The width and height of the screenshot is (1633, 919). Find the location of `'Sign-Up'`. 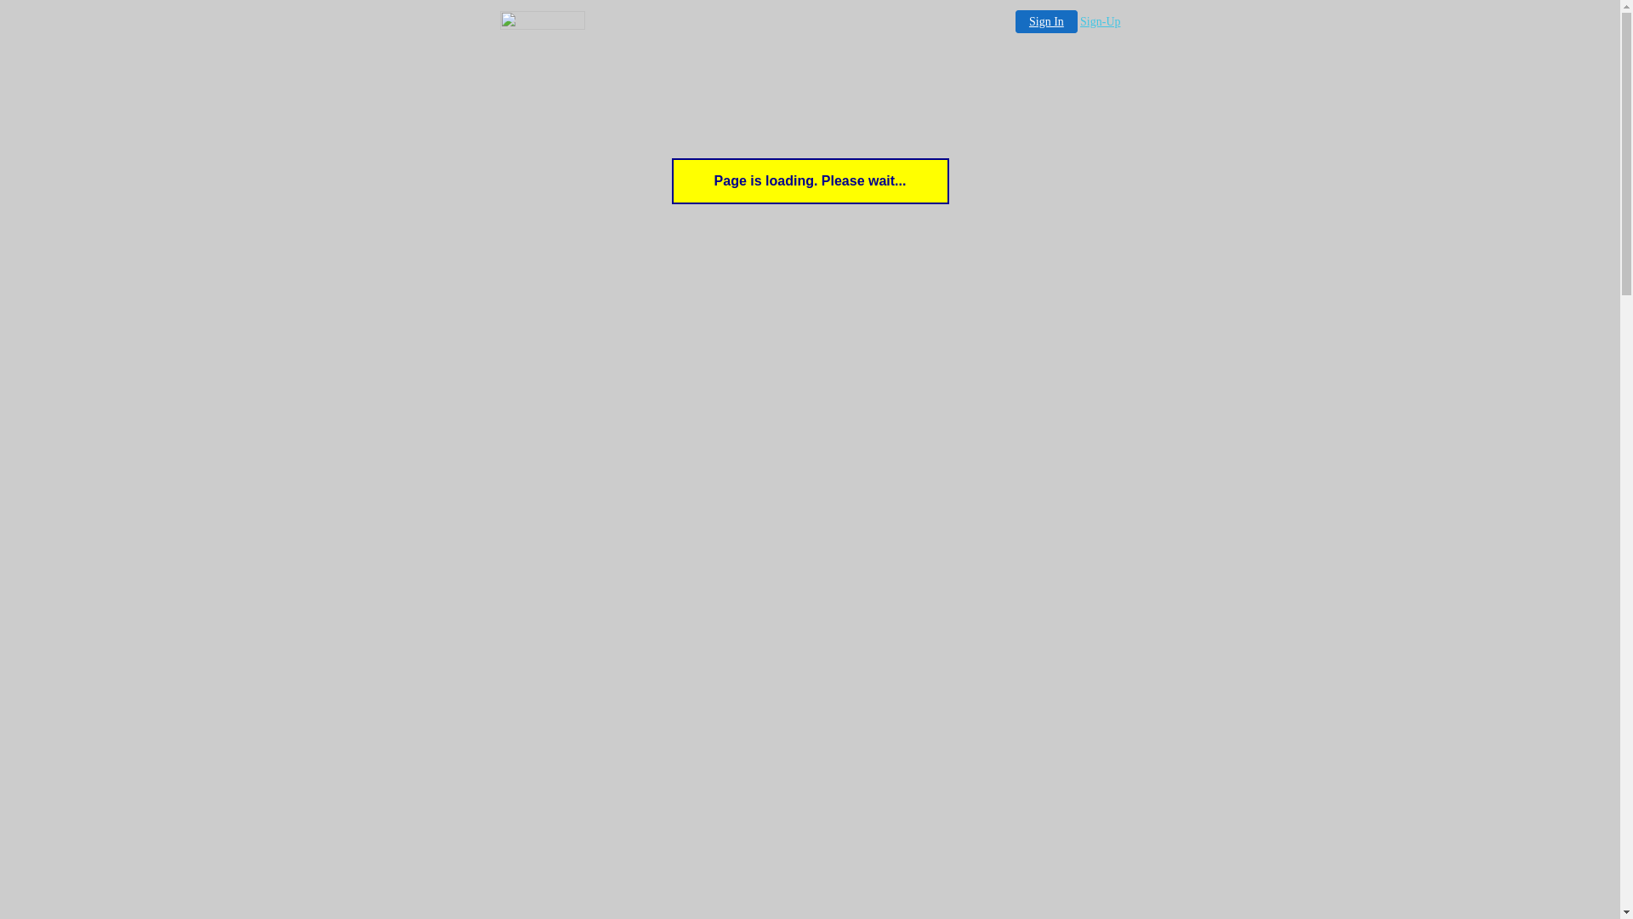

'Sign-Up' is located at coordinates (1100, 21).